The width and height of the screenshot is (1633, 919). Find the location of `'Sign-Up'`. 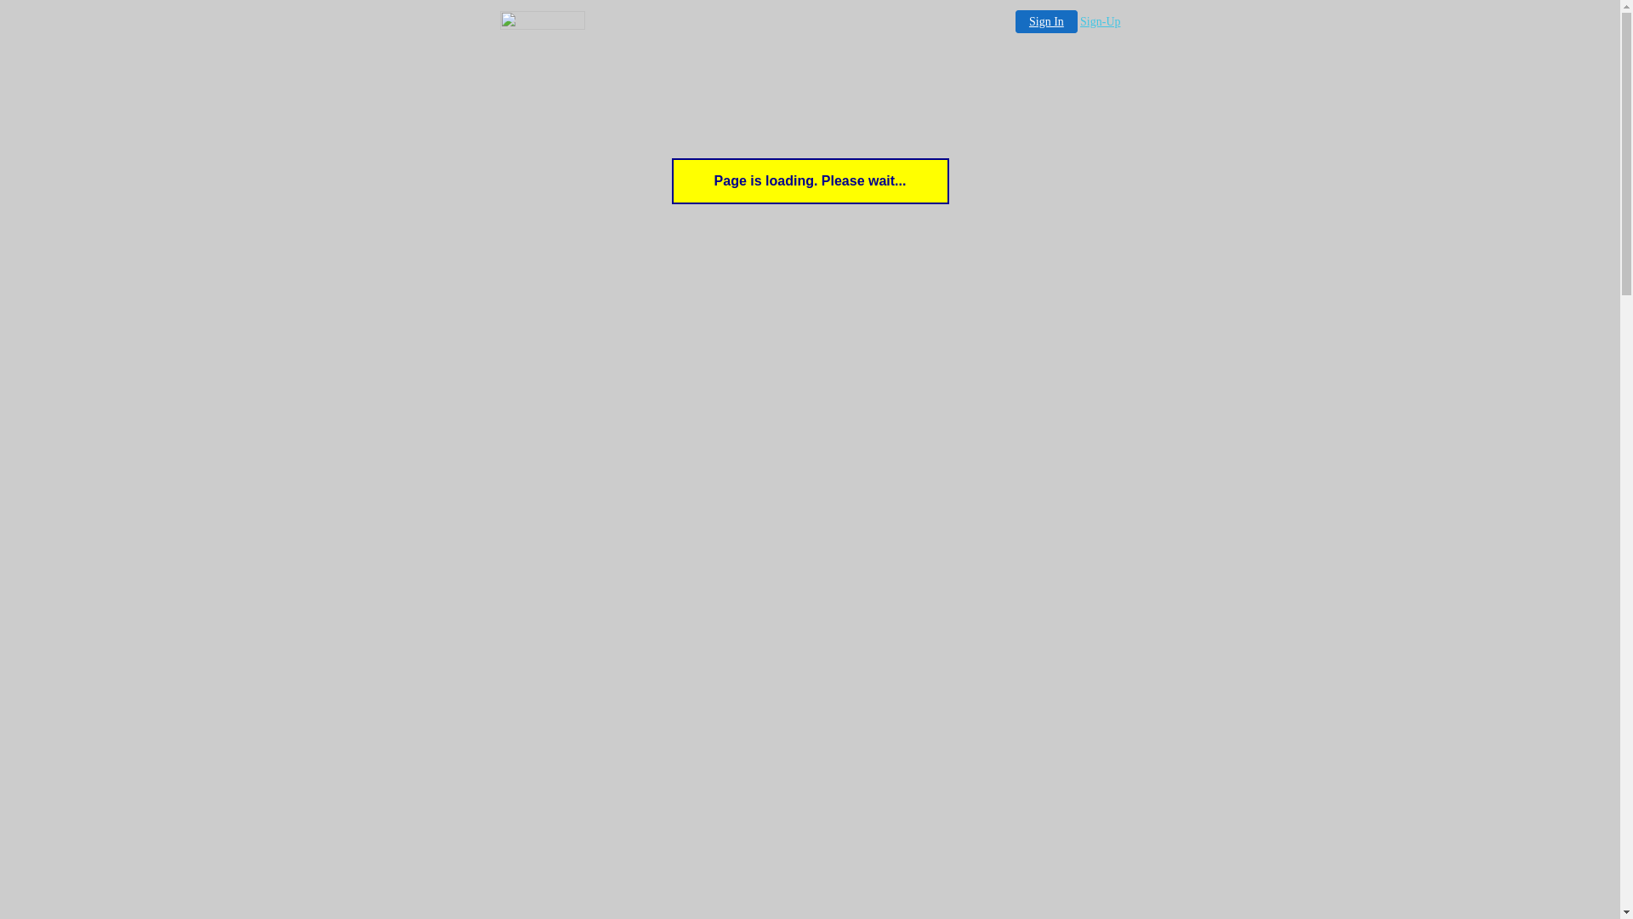

'Sign-Up' is located at coordinates (1100, 21).